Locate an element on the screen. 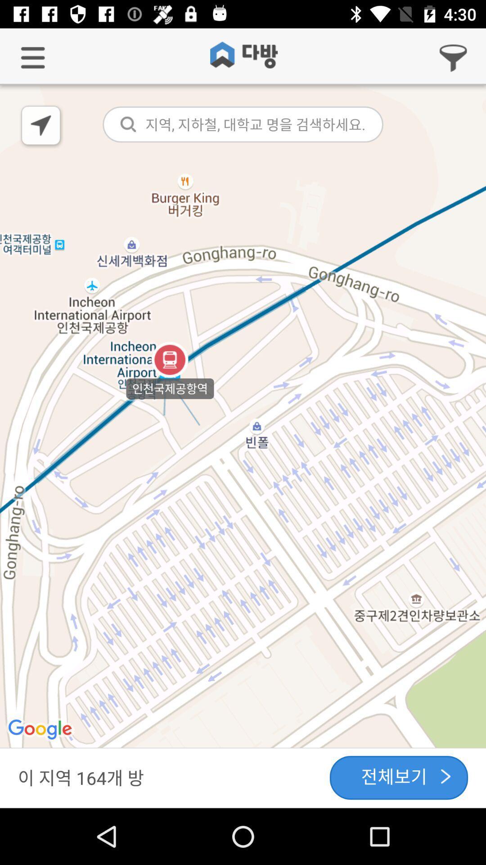 This screenshot has height=865, width=486. the navigation icon is located at coordinates (41, 126).